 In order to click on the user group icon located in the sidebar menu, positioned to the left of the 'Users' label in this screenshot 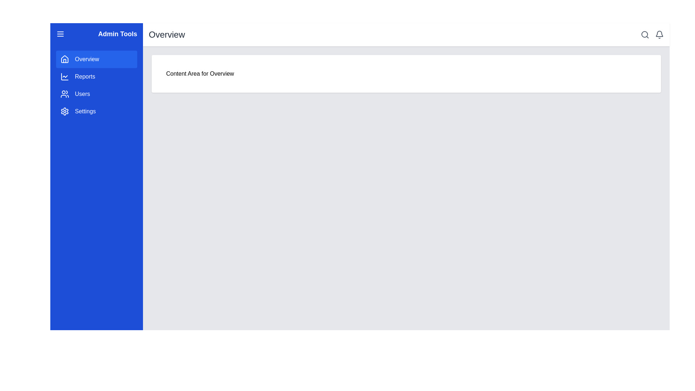, I will do `click(64, 93)`.